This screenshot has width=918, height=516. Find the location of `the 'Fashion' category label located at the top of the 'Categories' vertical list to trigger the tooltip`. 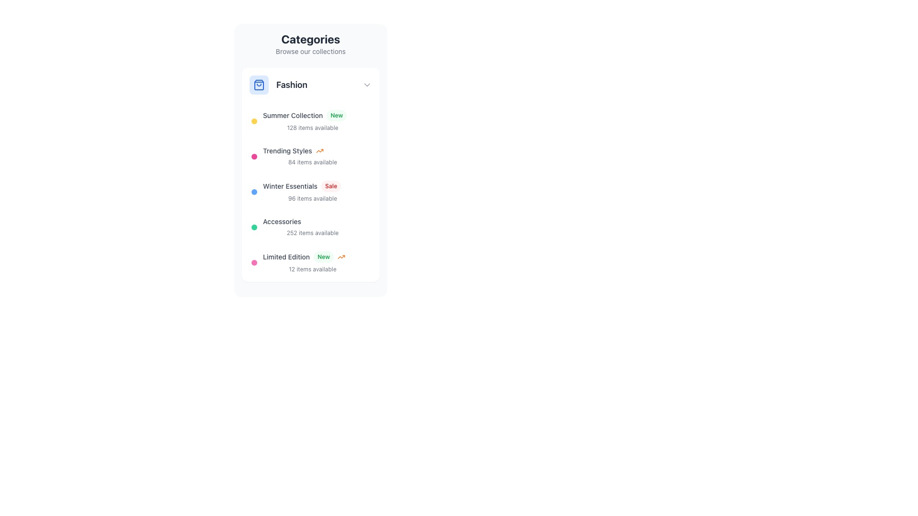

the 'Fashion' category label located at the top of the 'Categories' vertical list to trigger the tooltip is located at coordinates (305, 84).